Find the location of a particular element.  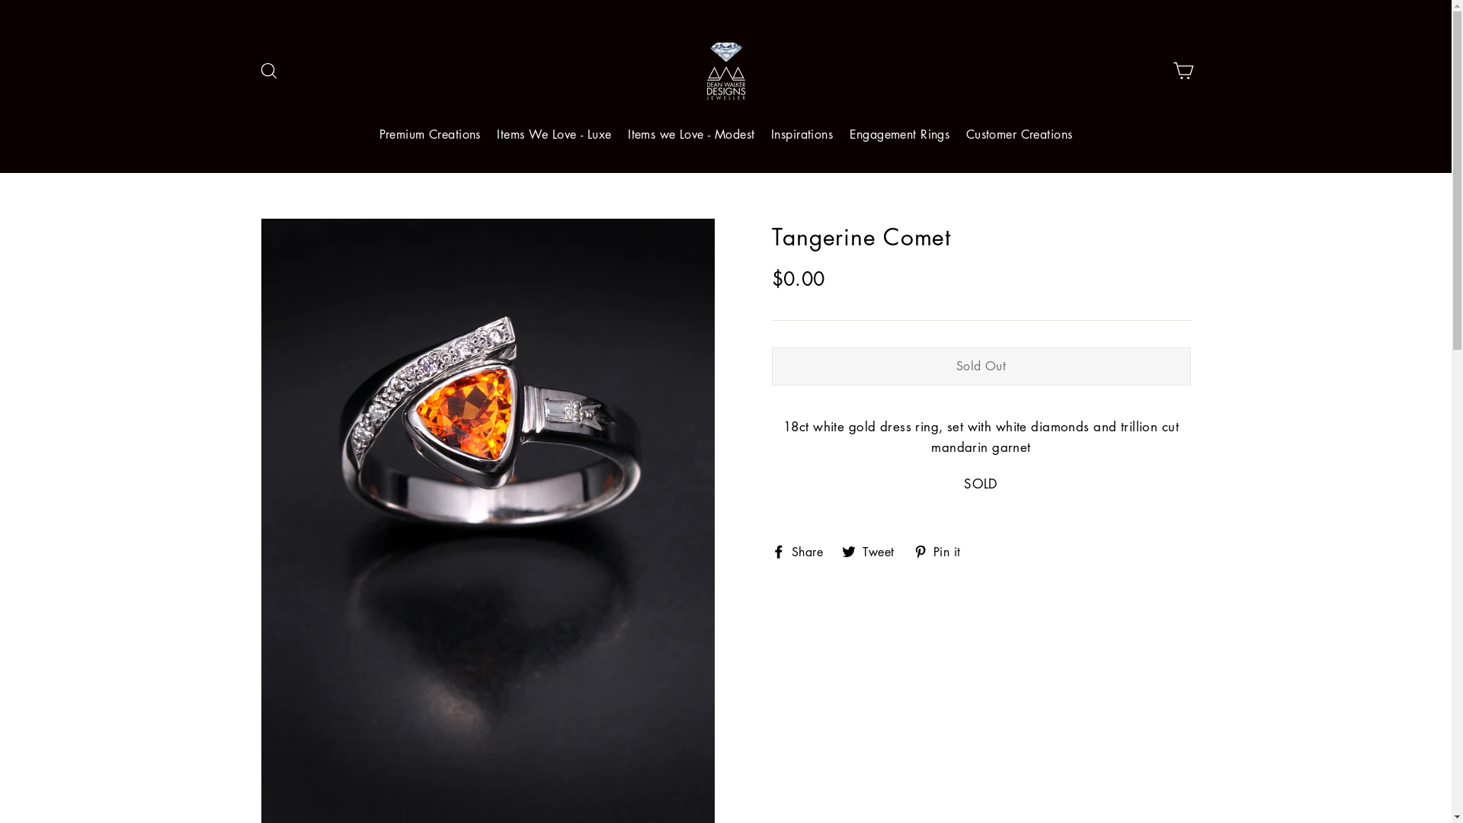

'Pin it is located at coordinates (942, 549).